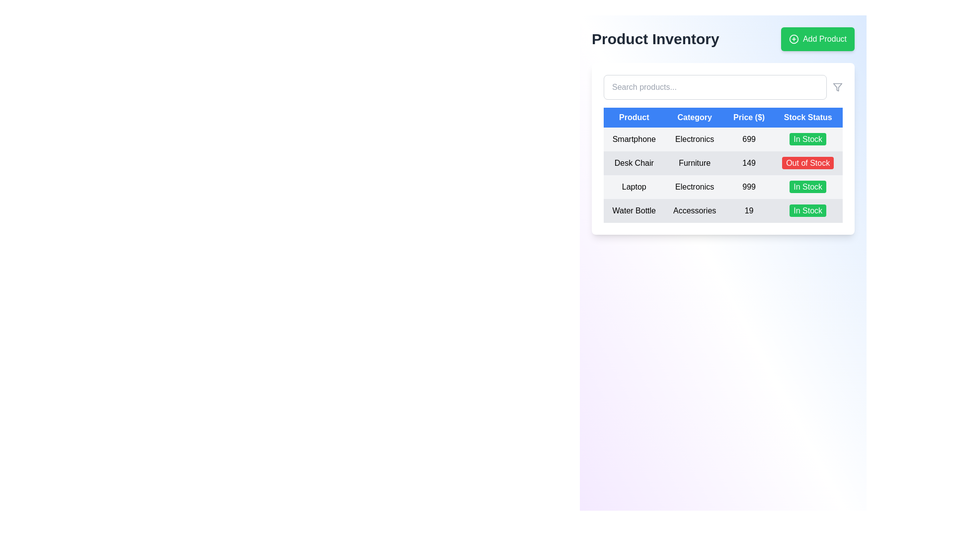 This screenshot has height=536, width=954. I want to click on text from the Table Header Cell labeled 'Price ($)', which is the third header in the row of the product inventory table, so click(749, 117).